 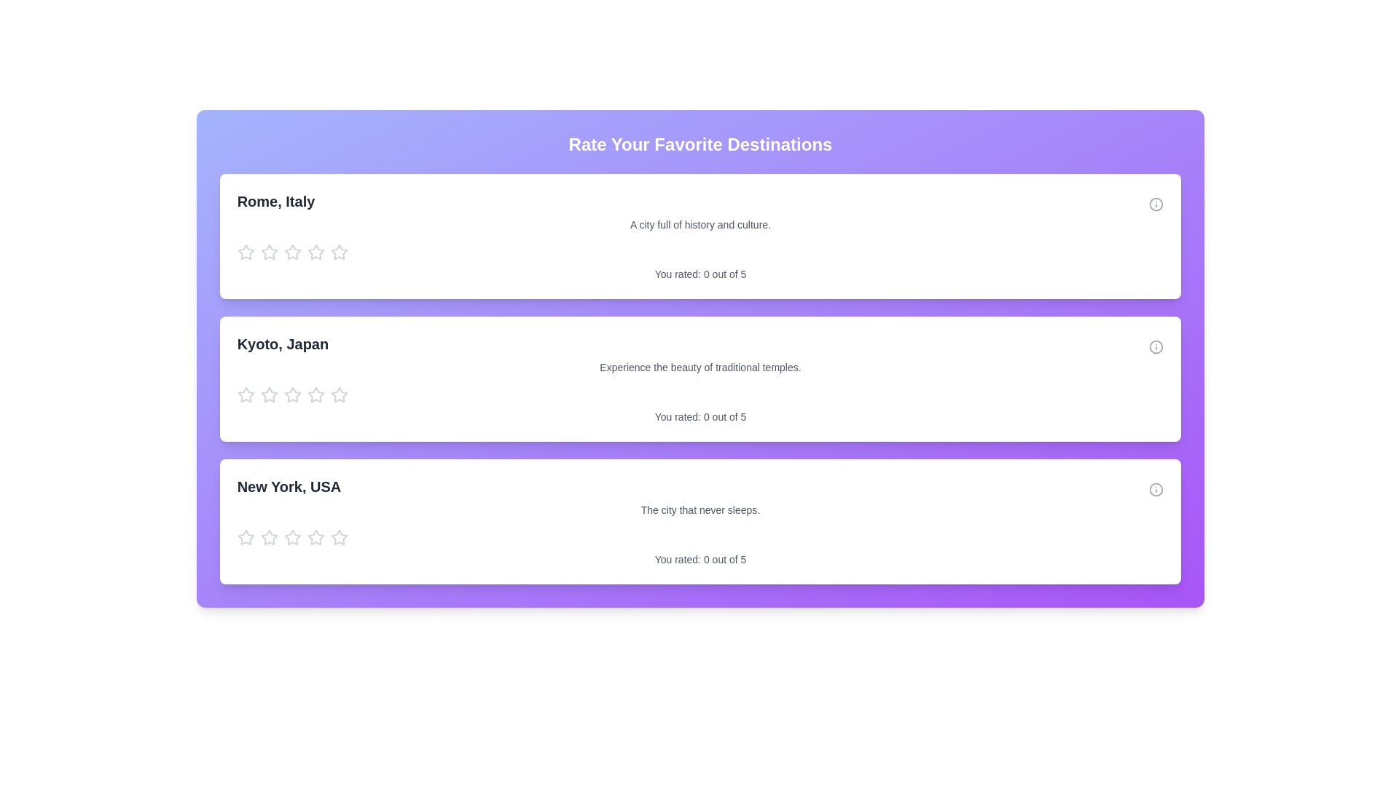 What do you see at coordinates (269, 537) in the screenshot?
I see `the first star icon in the rating component for the 'New York, USA' card` at bounding box center [269, 537].